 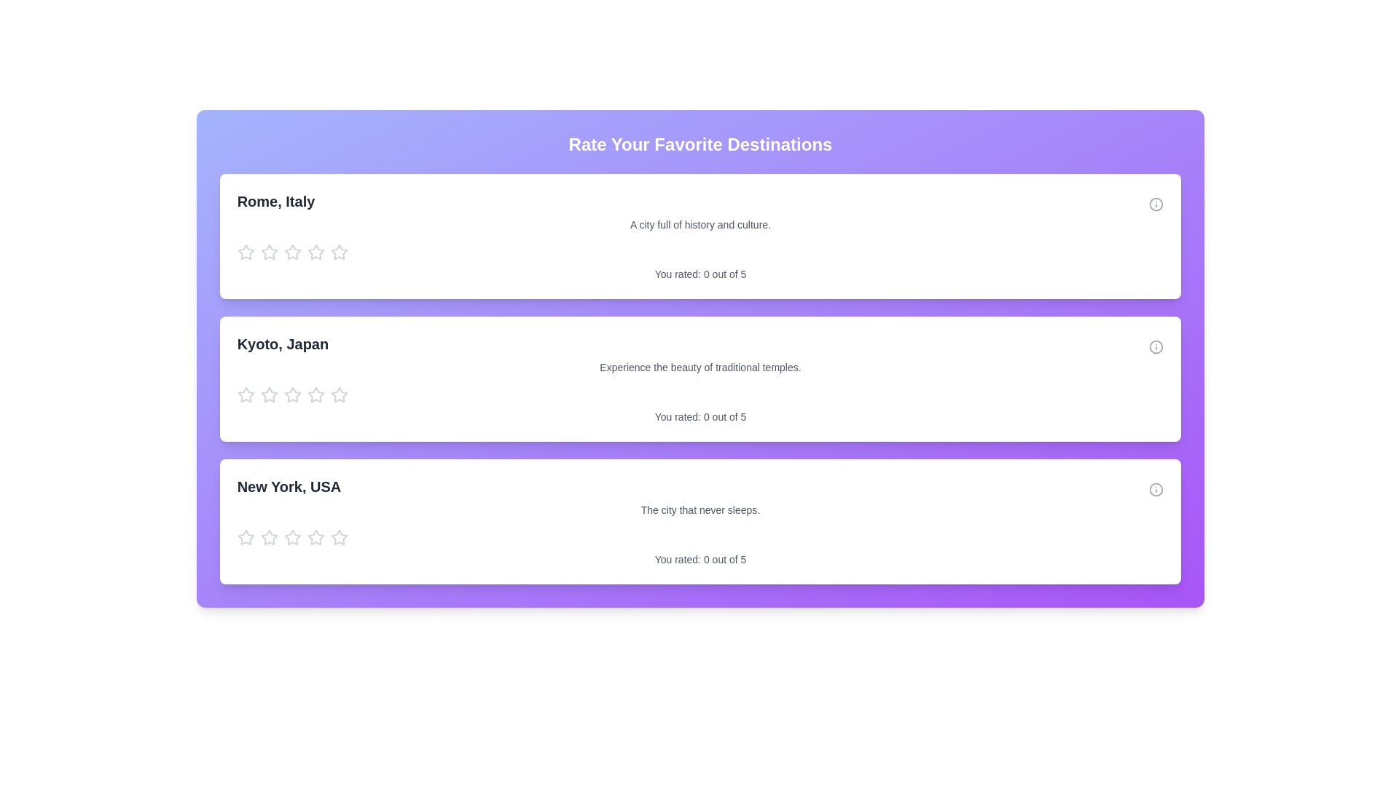 What do you see at coordinates (269, 537) in the screenshot?
I see `the first star icon in the rating component for the 'New York, USA' card` at bounding box center [269, 537].